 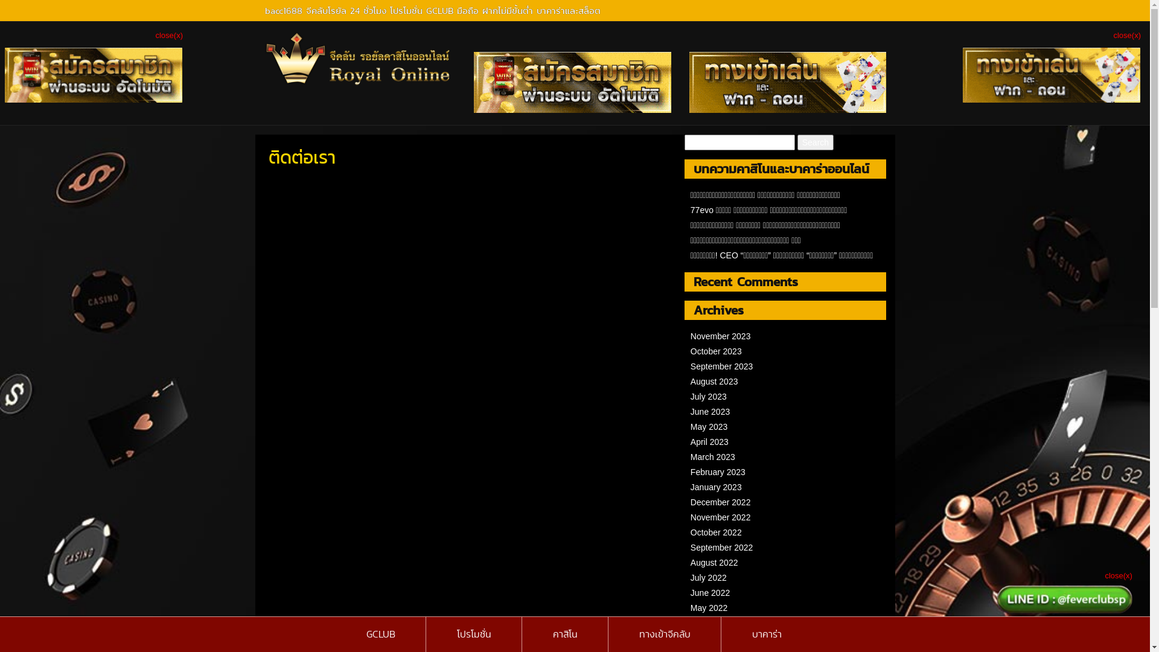 What do you see at coordinates (712, 637) in the screenshot?
I see `'March 2022'` at bounding box center [712, 637].